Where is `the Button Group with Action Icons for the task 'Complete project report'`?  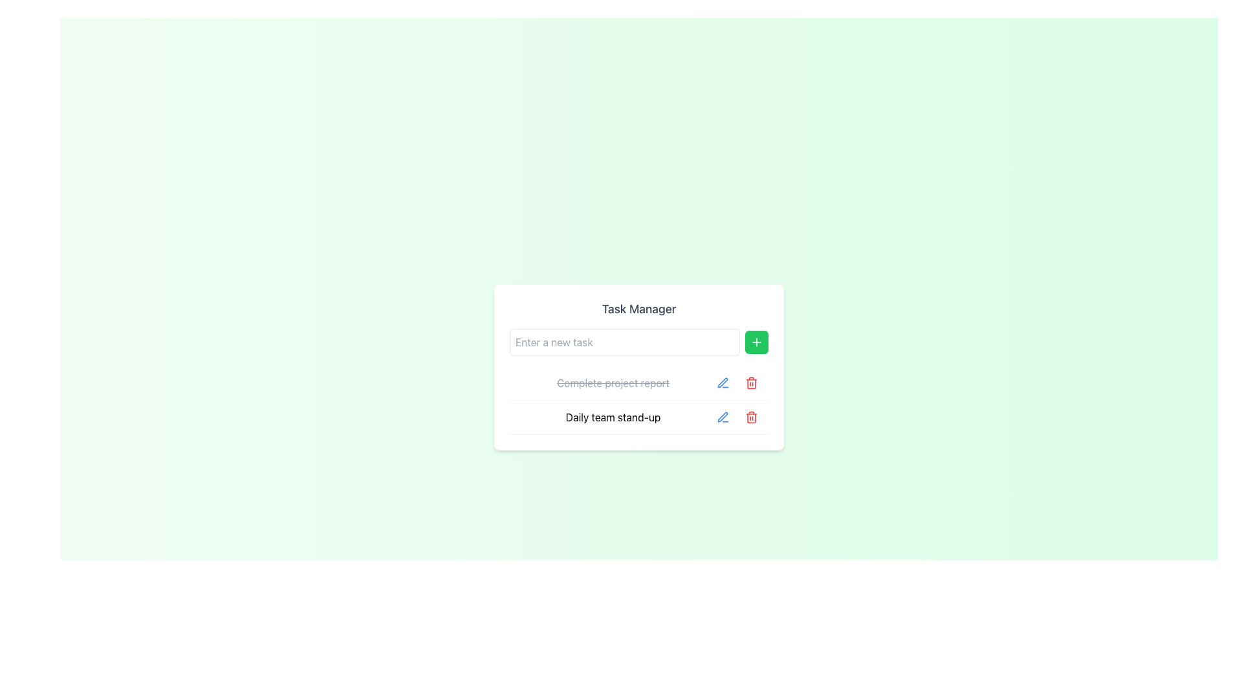 the Button Group with Action Icons for the task 'Complete project report' is located at coordinates (737, 382).